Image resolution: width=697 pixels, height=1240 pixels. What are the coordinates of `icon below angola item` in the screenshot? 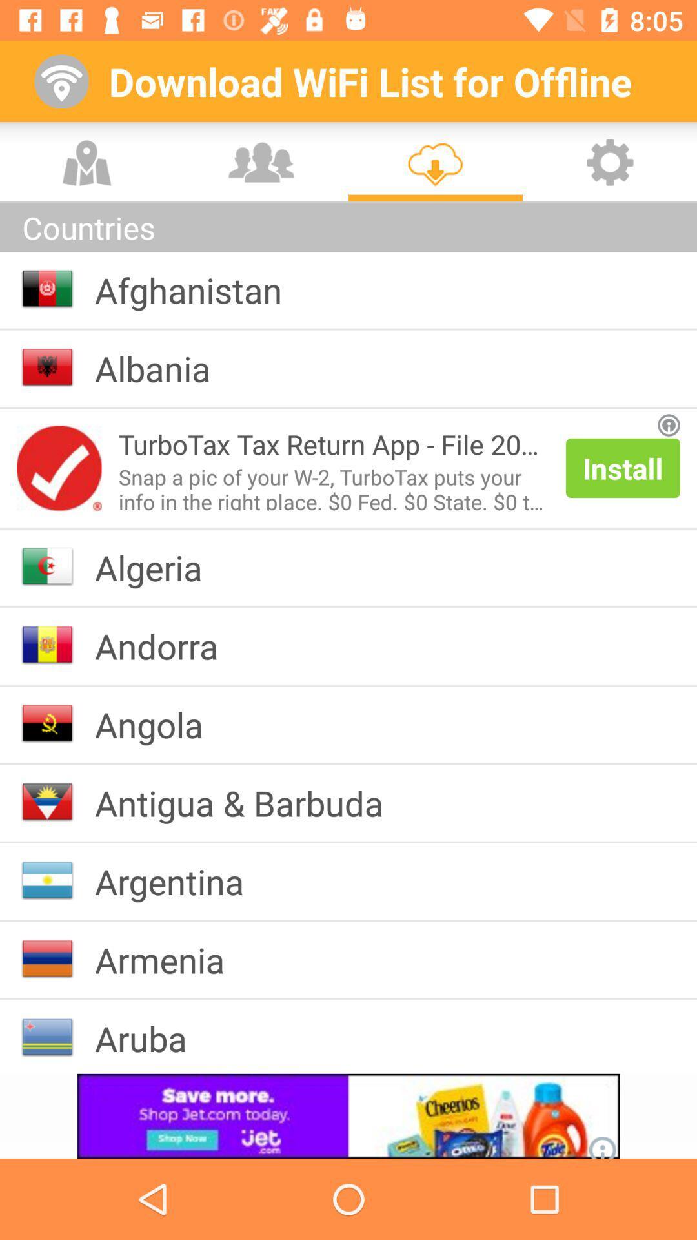 It's located at (249, 802).